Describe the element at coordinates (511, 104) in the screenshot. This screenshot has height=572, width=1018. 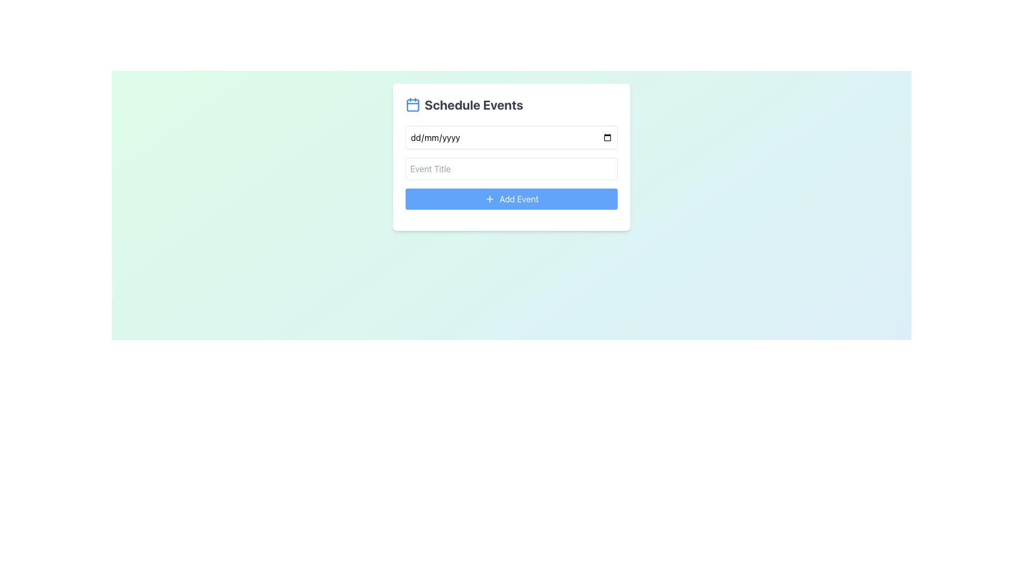
I see `the text header element displaying 'Schedule Events', which is styled in bold, large font with dark gray coloring and accompanied by a blue calendar icon to its left` at that location.